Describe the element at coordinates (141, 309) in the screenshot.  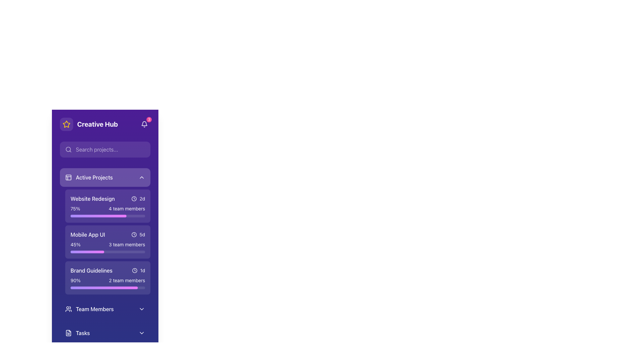
I see `the chevron icon at the end of the 'Team Members' row to trigger the tooltip or highlight effect` at that location.